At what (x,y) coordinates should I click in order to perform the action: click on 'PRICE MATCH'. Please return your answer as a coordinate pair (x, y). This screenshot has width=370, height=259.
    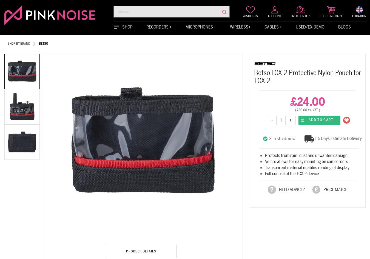
    Looking at the image, I should click on (335, 189).